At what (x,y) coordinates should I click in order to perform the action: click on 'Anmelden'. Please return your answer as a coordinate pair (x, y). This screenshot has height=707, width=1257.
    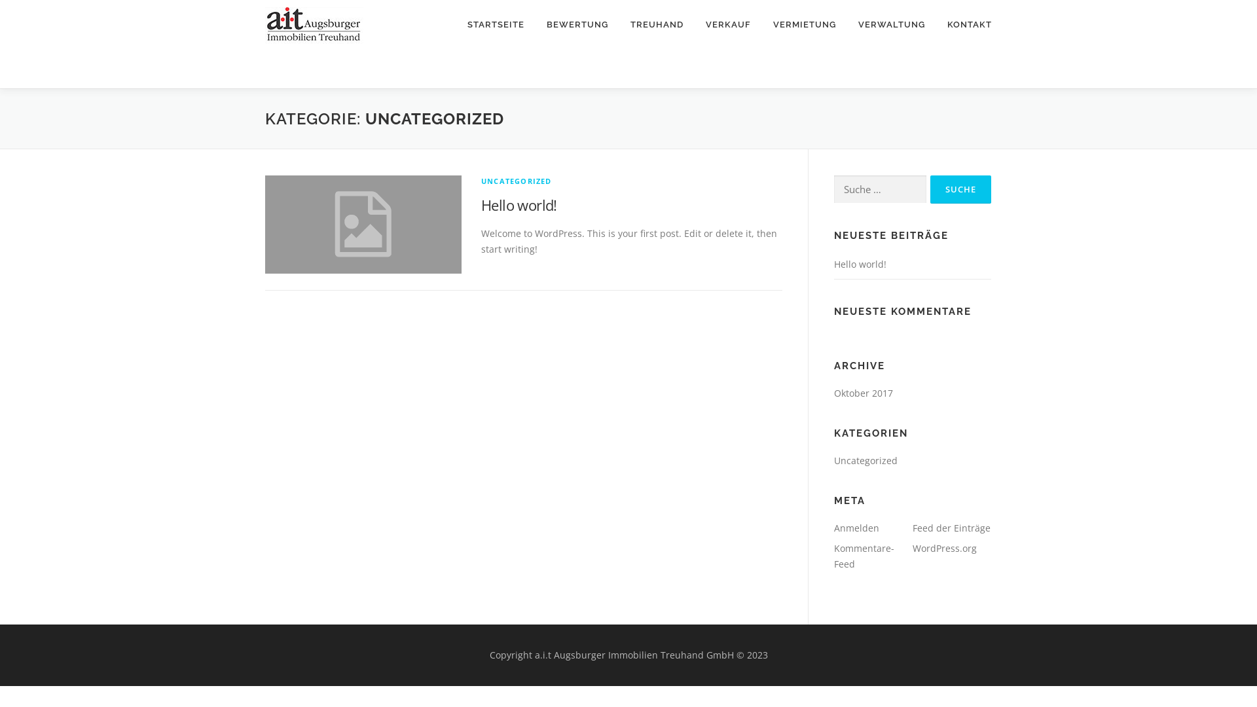
    Looking at the image, I should click on (856, 527).